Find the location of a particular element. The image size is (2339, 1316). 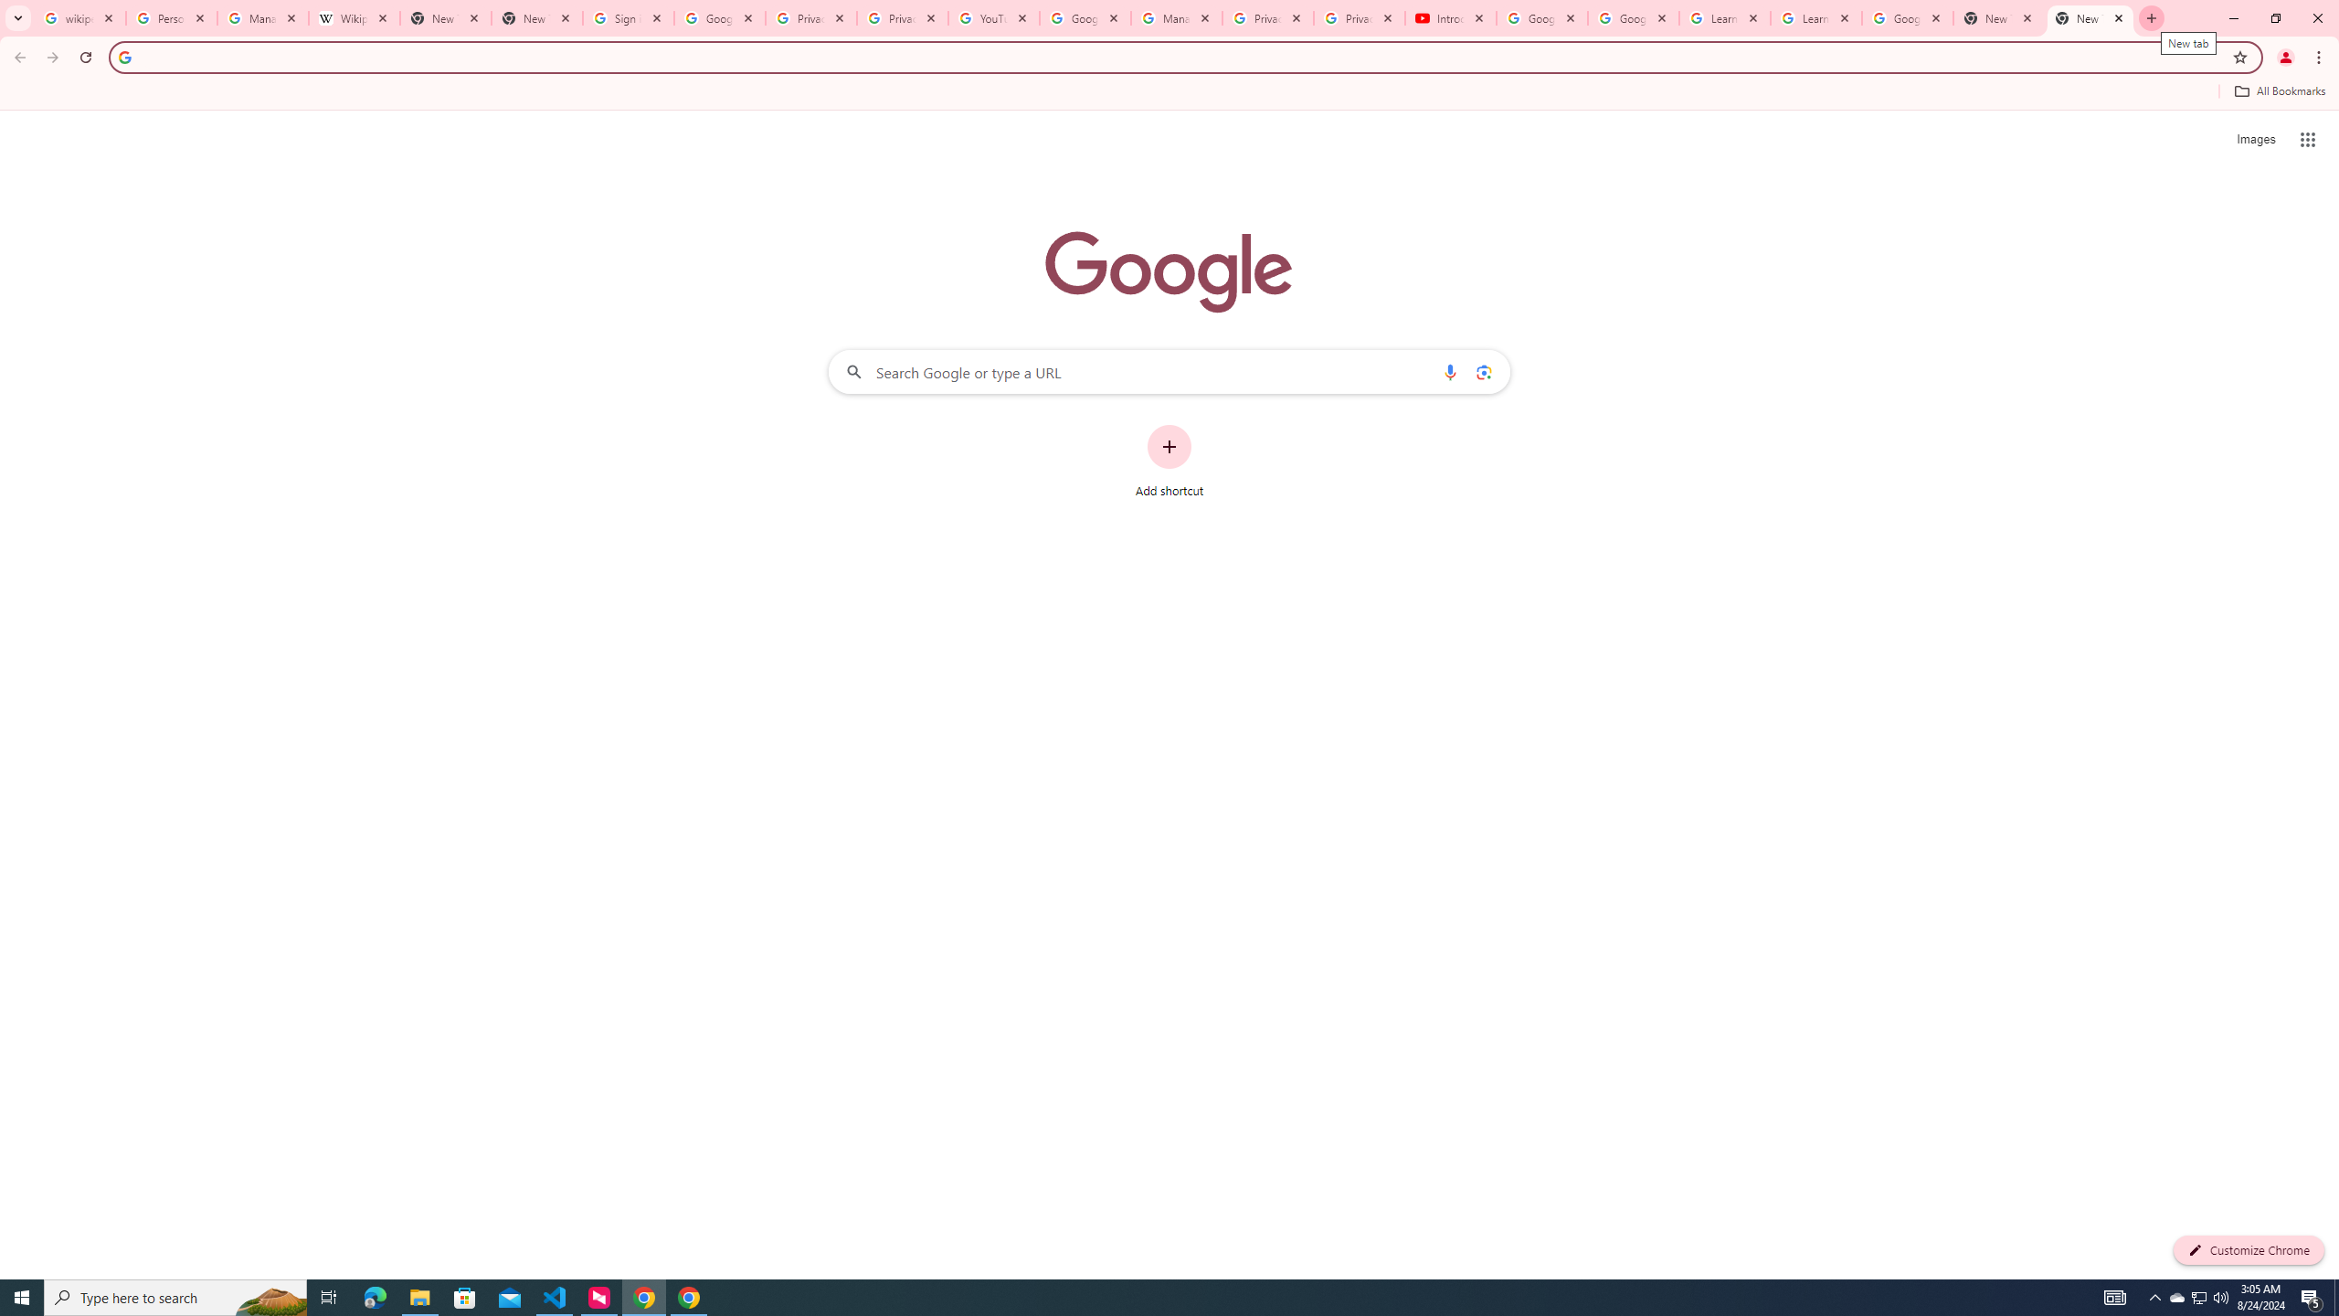

'Manage your Location History - Google Search Help' is located at coordinates (263, 17).